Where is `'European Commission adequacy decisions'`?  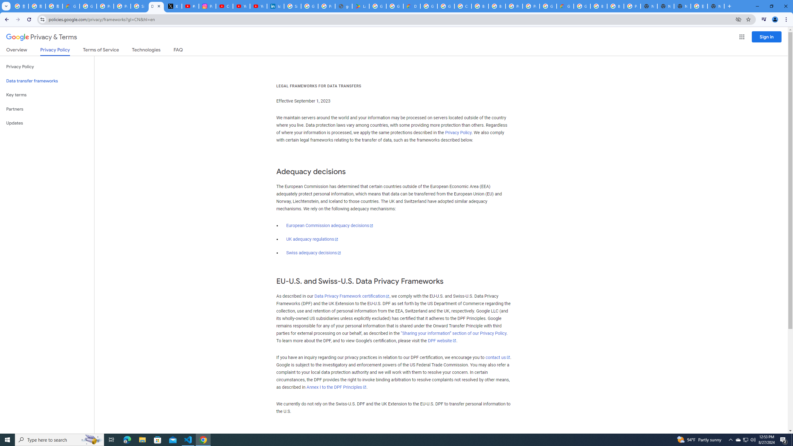 'European Commission adequacy decisions' is located at coordinates (329, 225).